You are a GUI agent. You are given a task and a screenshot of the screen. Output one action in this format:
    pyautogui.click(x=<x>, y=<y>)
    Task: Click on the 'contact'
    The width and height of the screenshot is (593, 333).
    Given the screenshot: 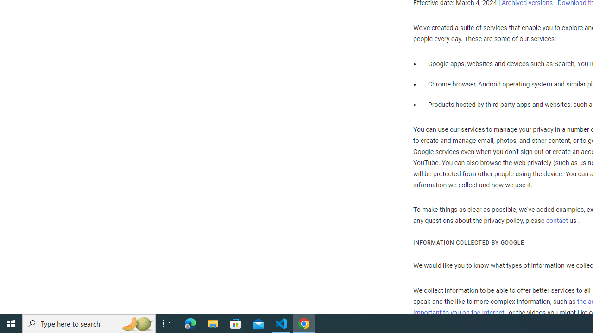 What is the action you would take?
    pyautogui.click(x=556, y=221)
    